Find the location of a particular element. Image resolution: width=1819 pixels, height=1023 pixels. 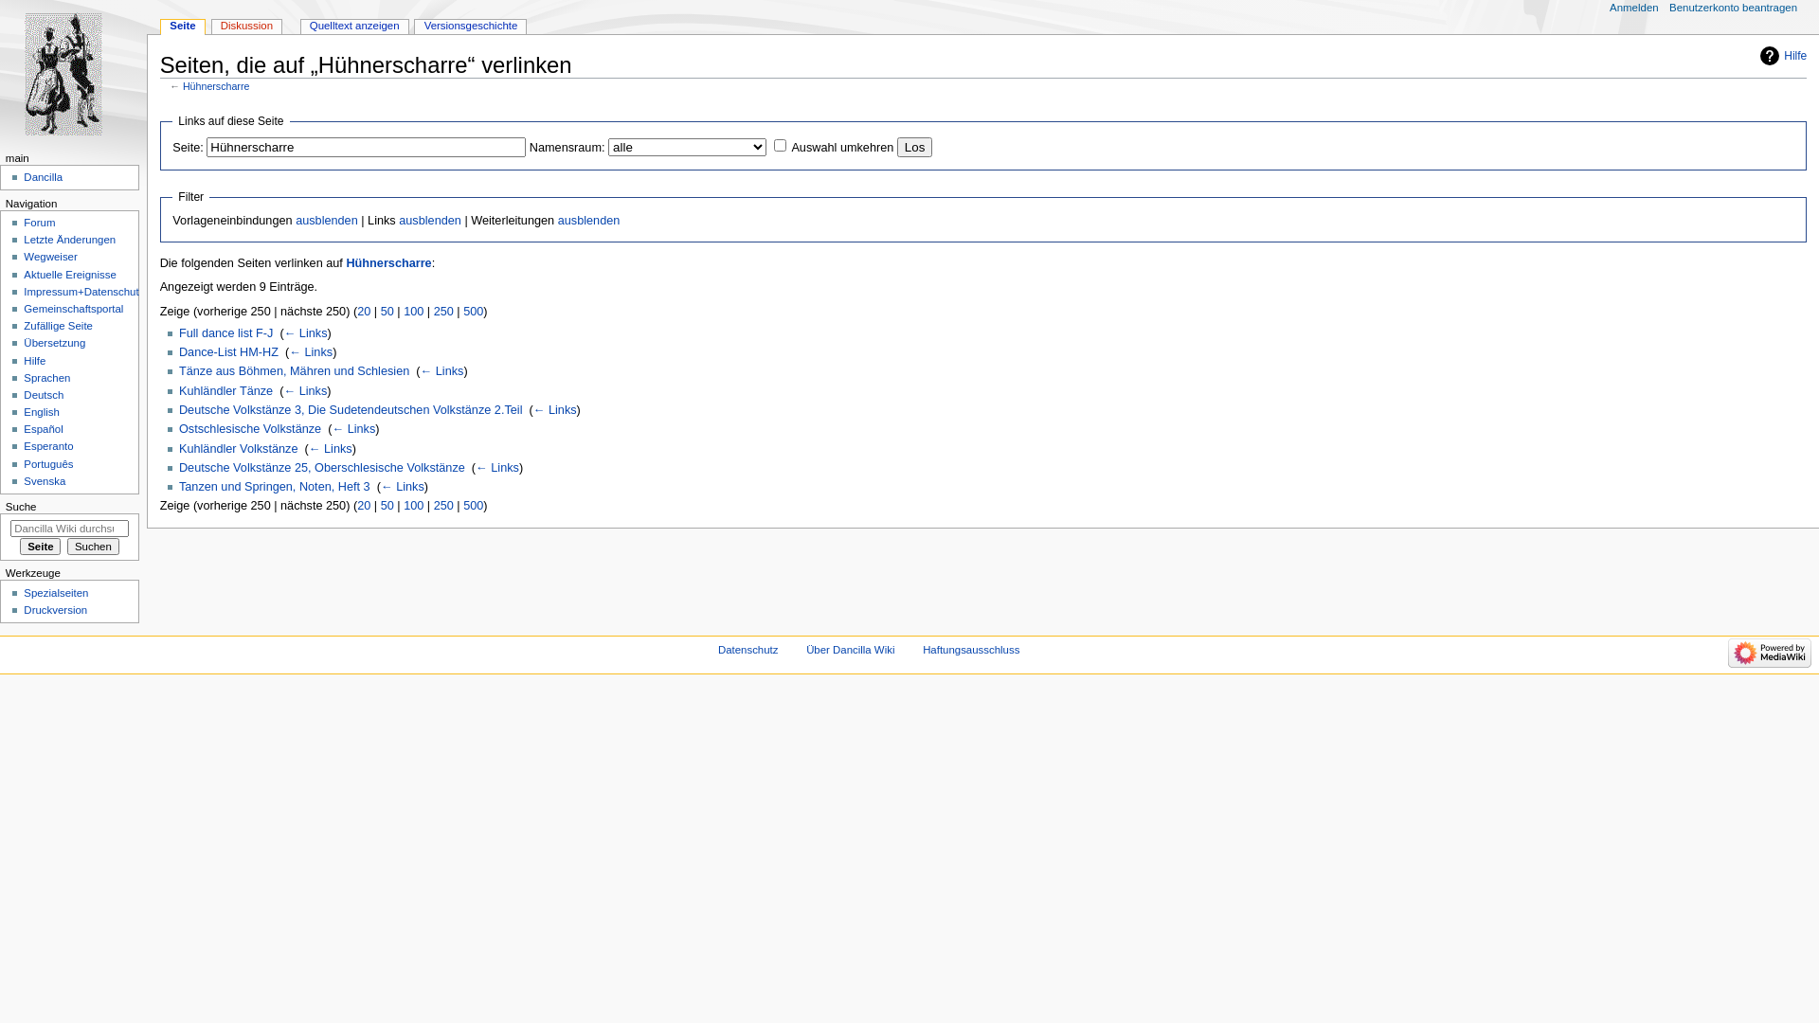

'Druckversion' is located at coordinates (55, 610).